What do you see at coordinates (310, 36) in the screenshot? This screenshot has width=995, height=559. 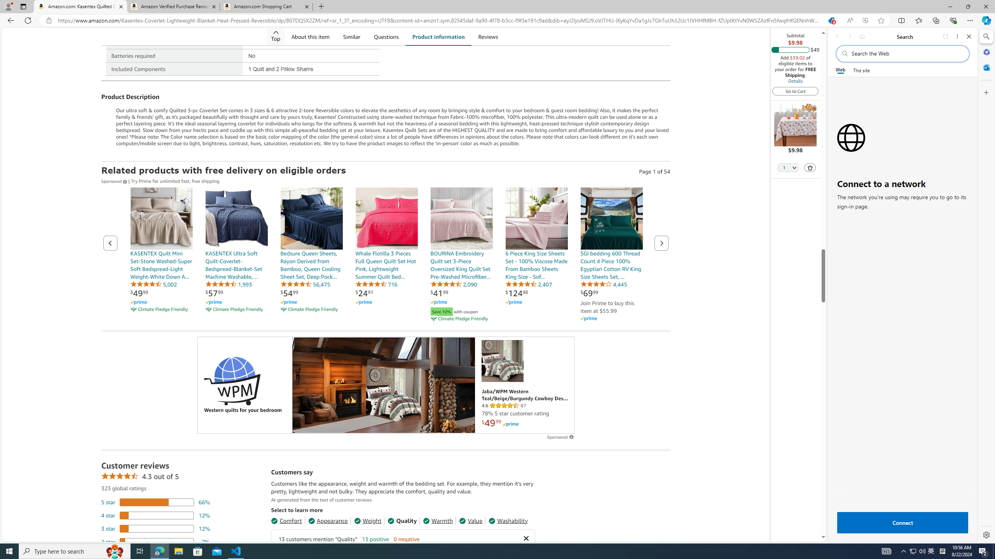 I see `'About this item'` at bounding box center [310, 36].